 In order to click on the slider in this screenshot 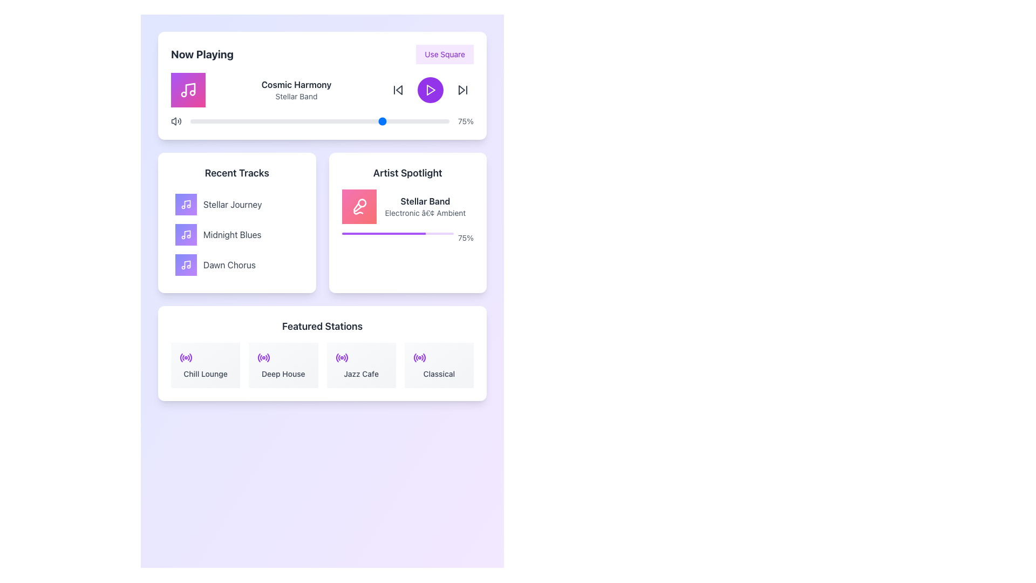, I will do `click(366, 121)`.